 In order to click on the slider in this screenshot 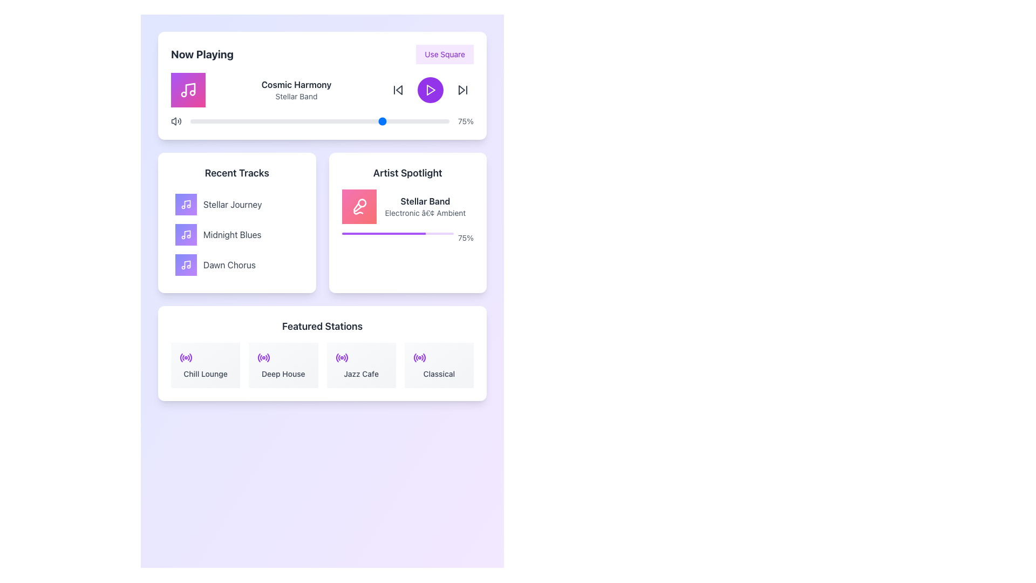, I will do `click(366, 121)`.